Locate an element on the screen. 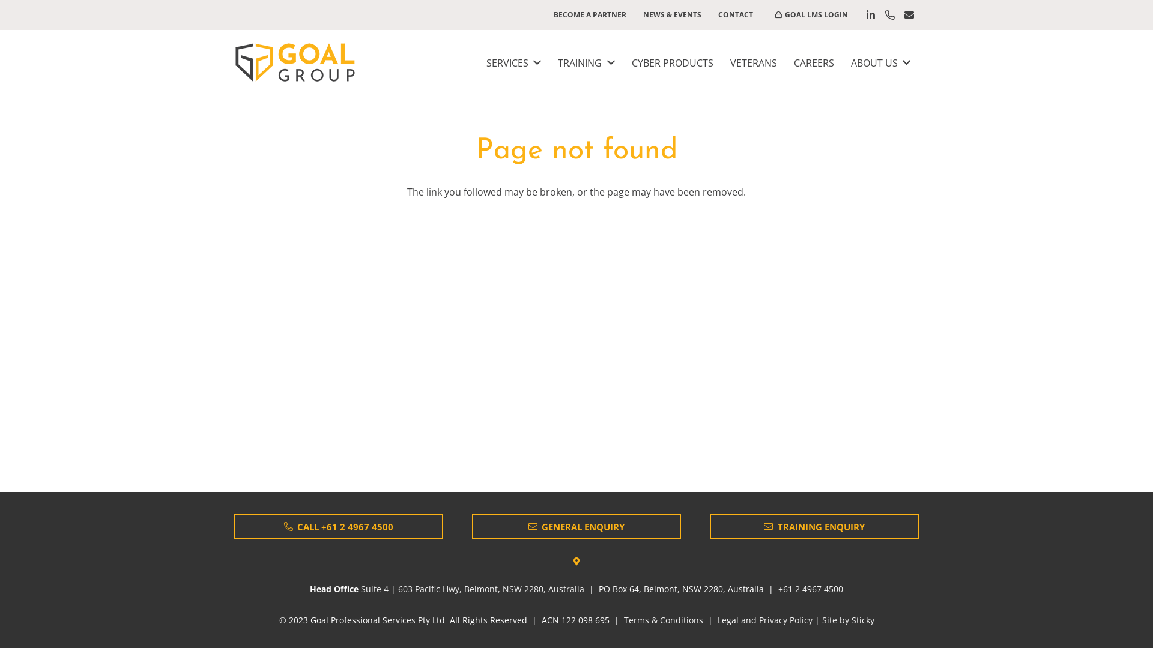  'SERVICES' is located at coordinates (513, 62).